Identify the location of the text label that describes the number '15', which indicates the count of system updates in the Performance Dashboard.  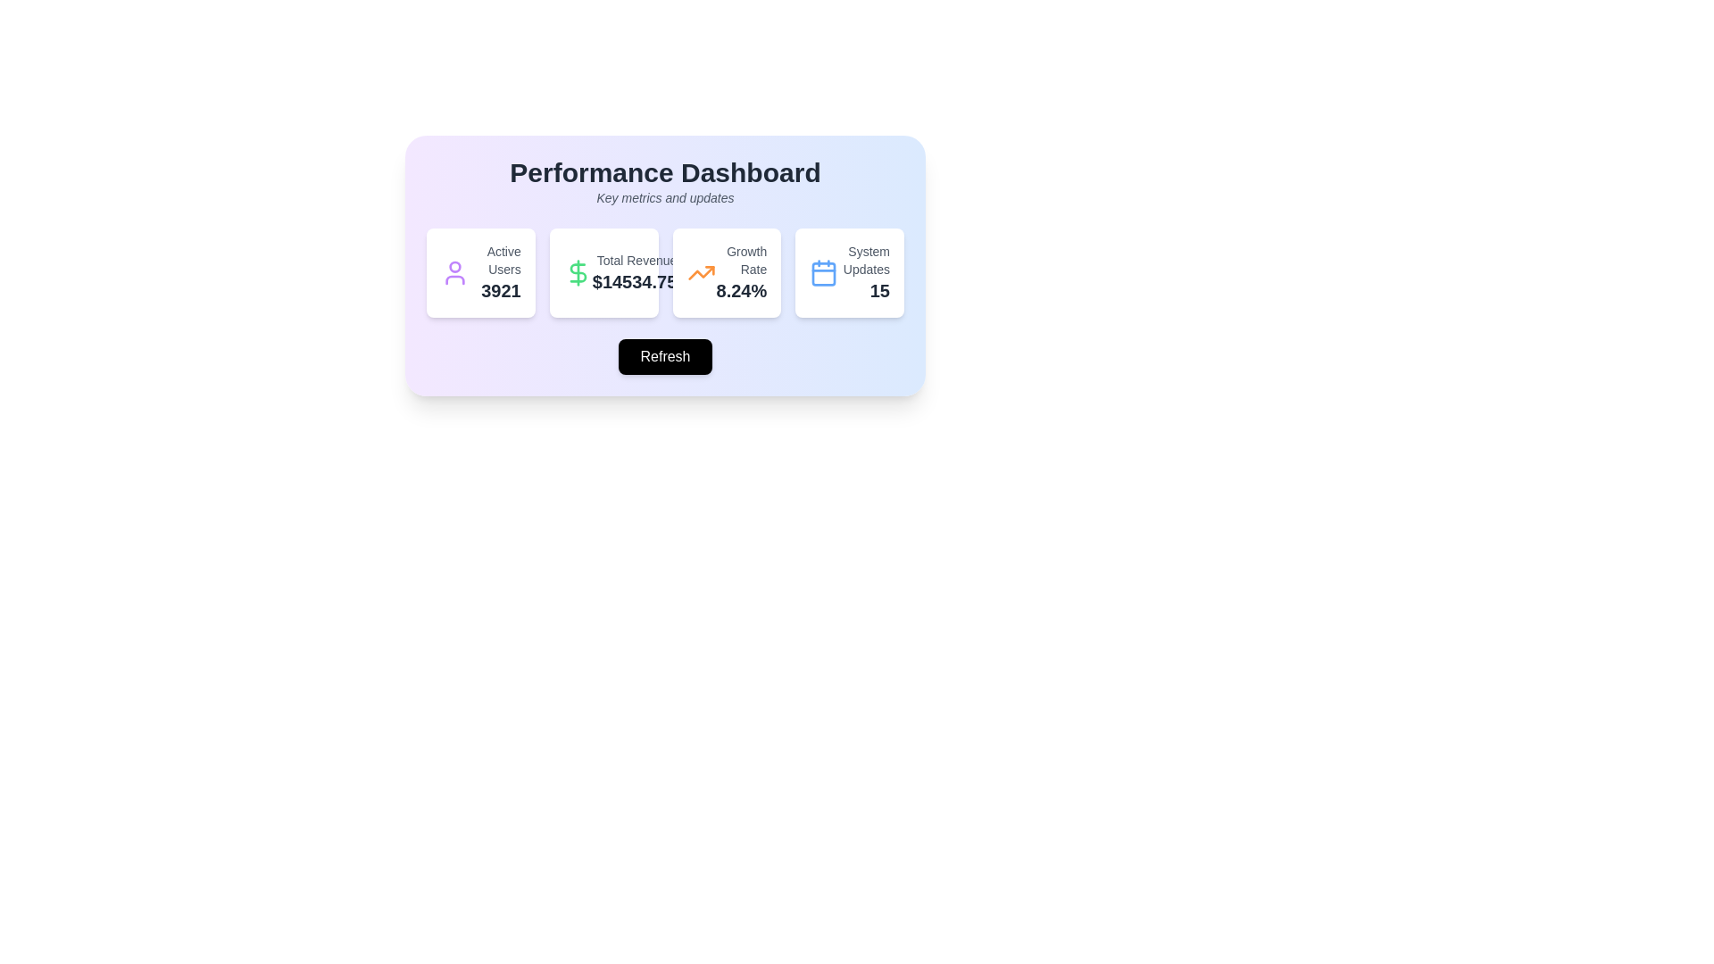
(864, 261).